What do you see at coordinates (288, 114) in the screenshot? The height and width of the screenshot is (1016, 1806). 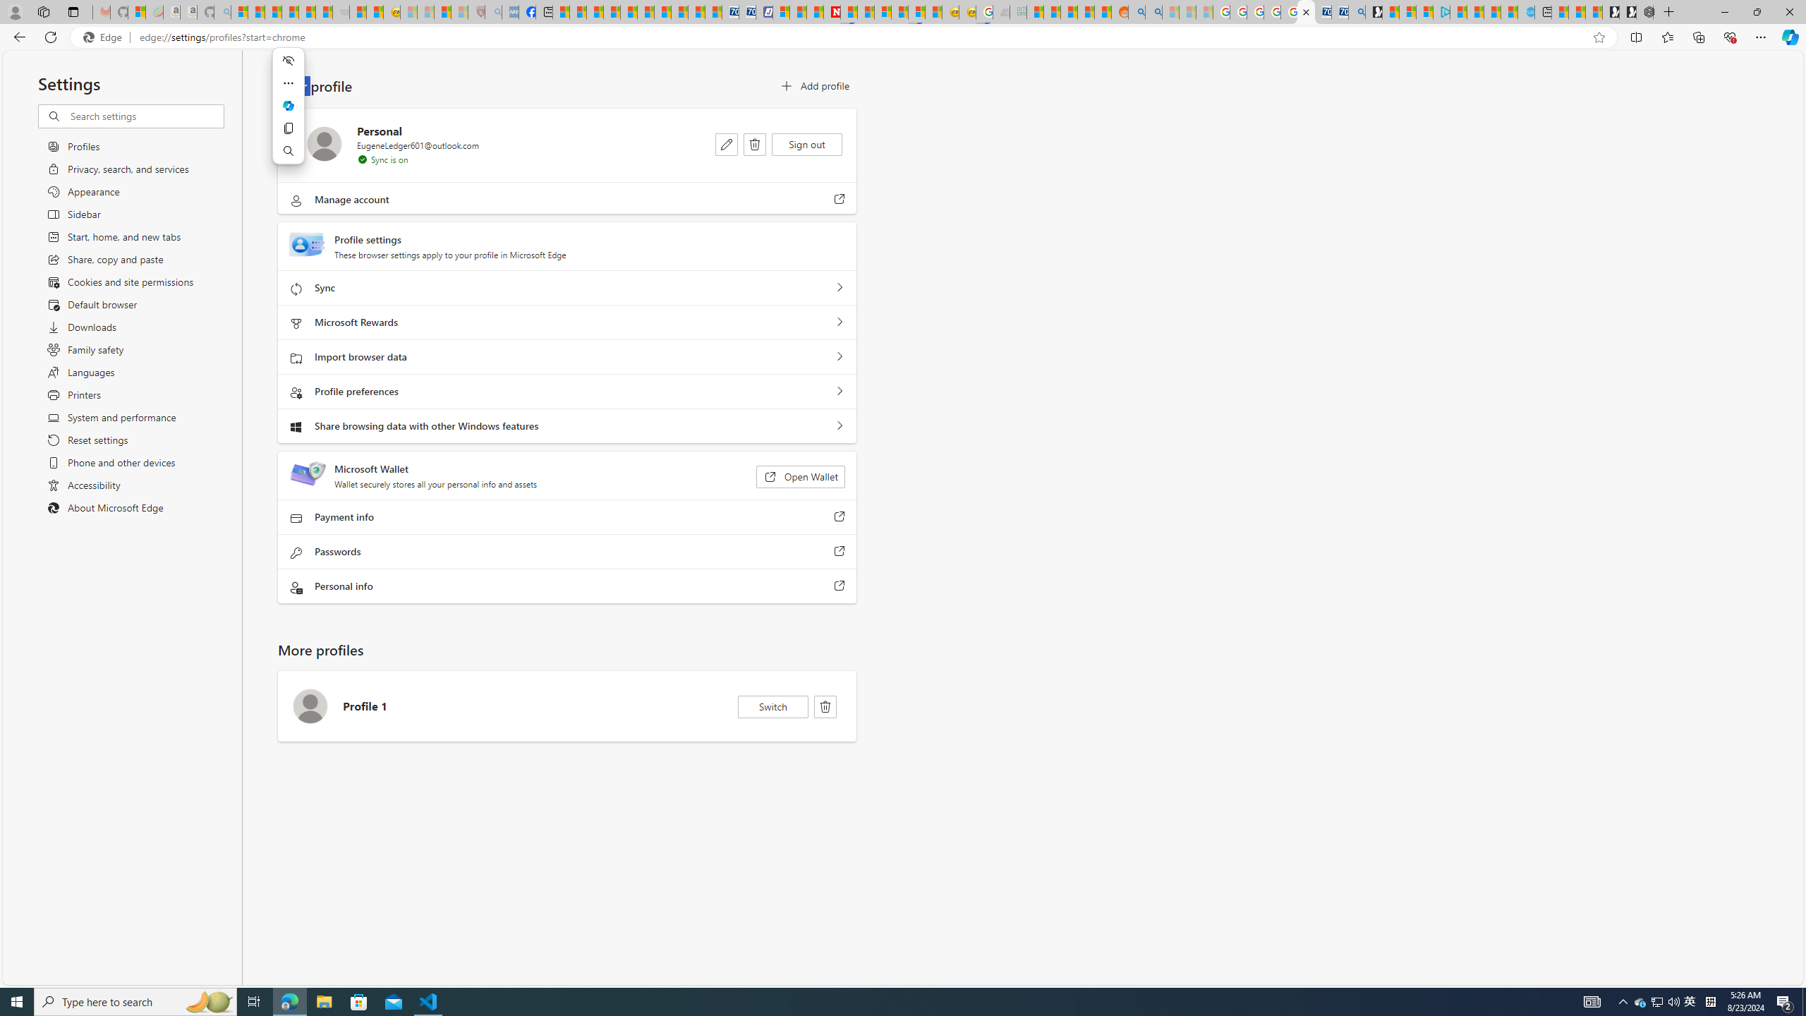 I see `'Mini menu on text selection'` at bounding box center [288, 114].